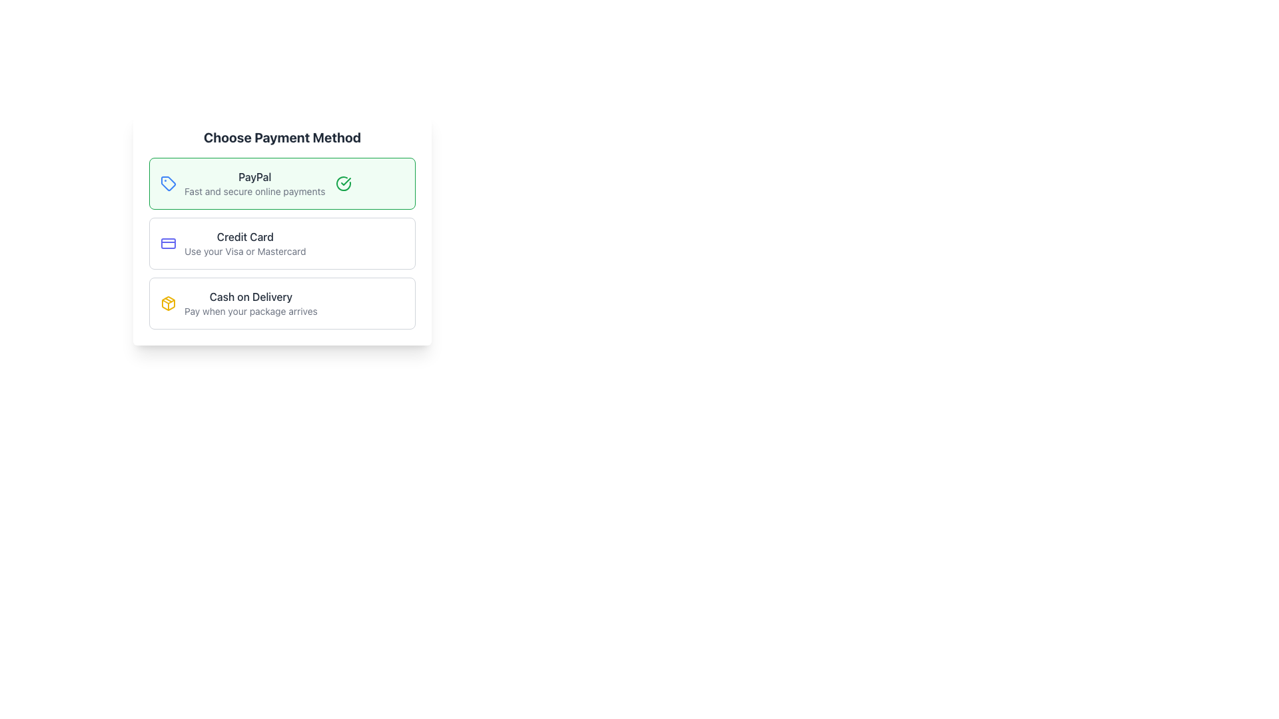 This screenshot has width=1279, height=719. What do you see at coordinates (346, 182) in the screenshot?
I see `the checkmark icon with a green stroke located adjacent to the 'PayPal' text in the payment method selection interface` at bounding box center [346, 182].